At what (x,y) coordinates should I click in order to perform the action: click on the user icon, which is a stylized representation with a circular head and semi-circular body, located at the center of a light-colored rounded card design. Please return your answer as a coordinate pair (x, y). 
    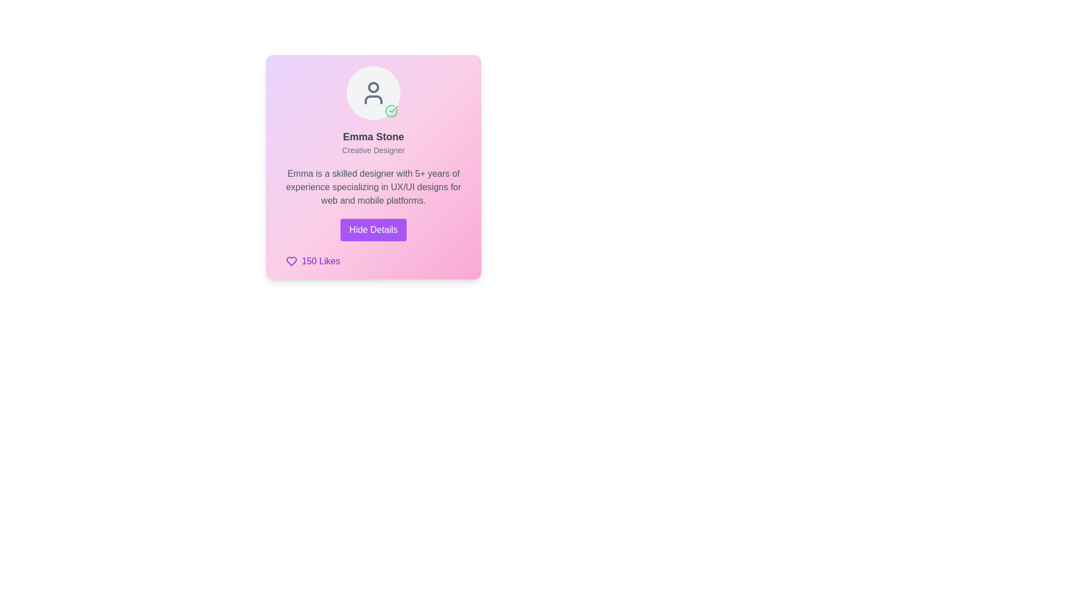
    Looking at the image, I should click on (374, 92).